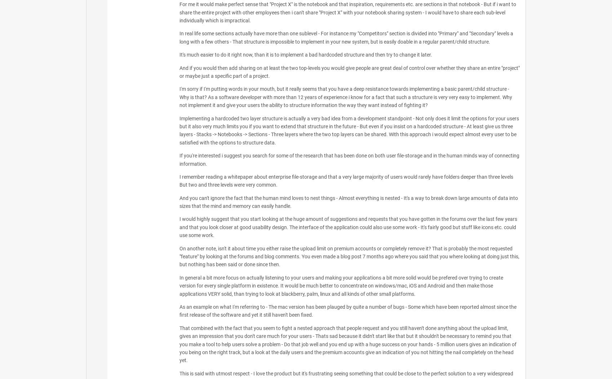 Image resolution: width=612 pixels, height=379 pixels. Describe the element at coordinates (179, 180) in the screenshot. I see `'I remember reading a whitepaper about enterprise file-storage and that a very large majority of users would rarely have folders deeper than three levels But two and three levels were very common.'` at that location.